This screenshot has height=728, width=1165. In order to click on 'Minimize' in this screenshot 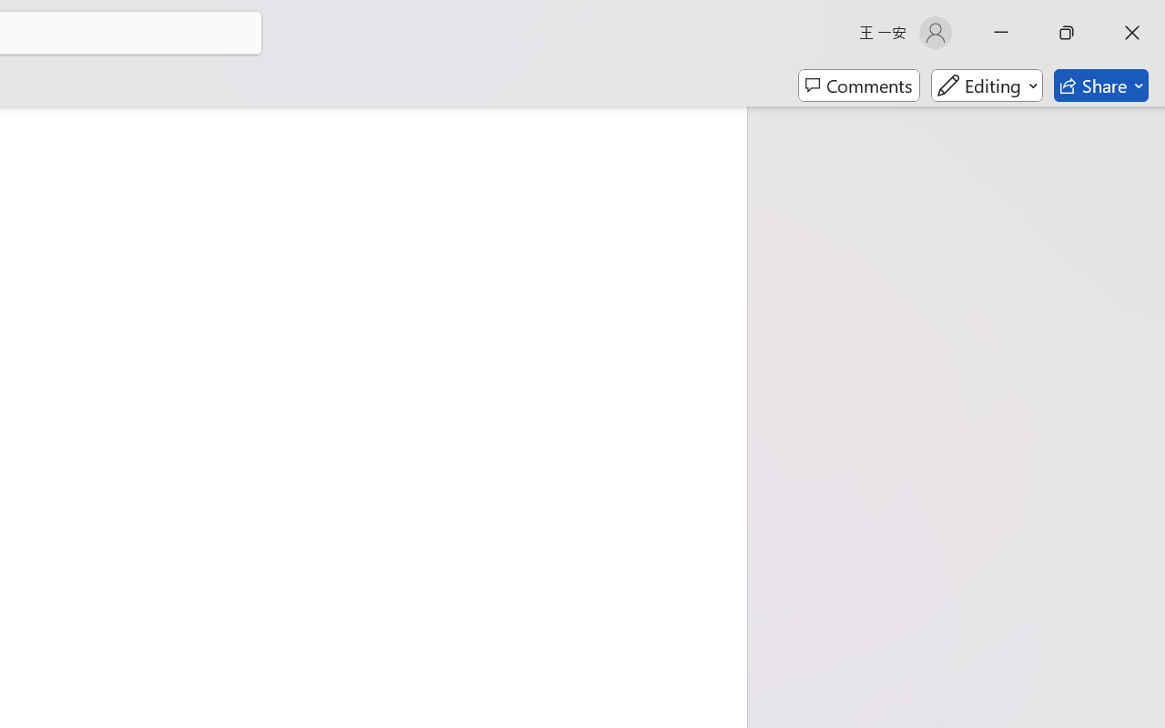, I will do `click(1000, 32)`.